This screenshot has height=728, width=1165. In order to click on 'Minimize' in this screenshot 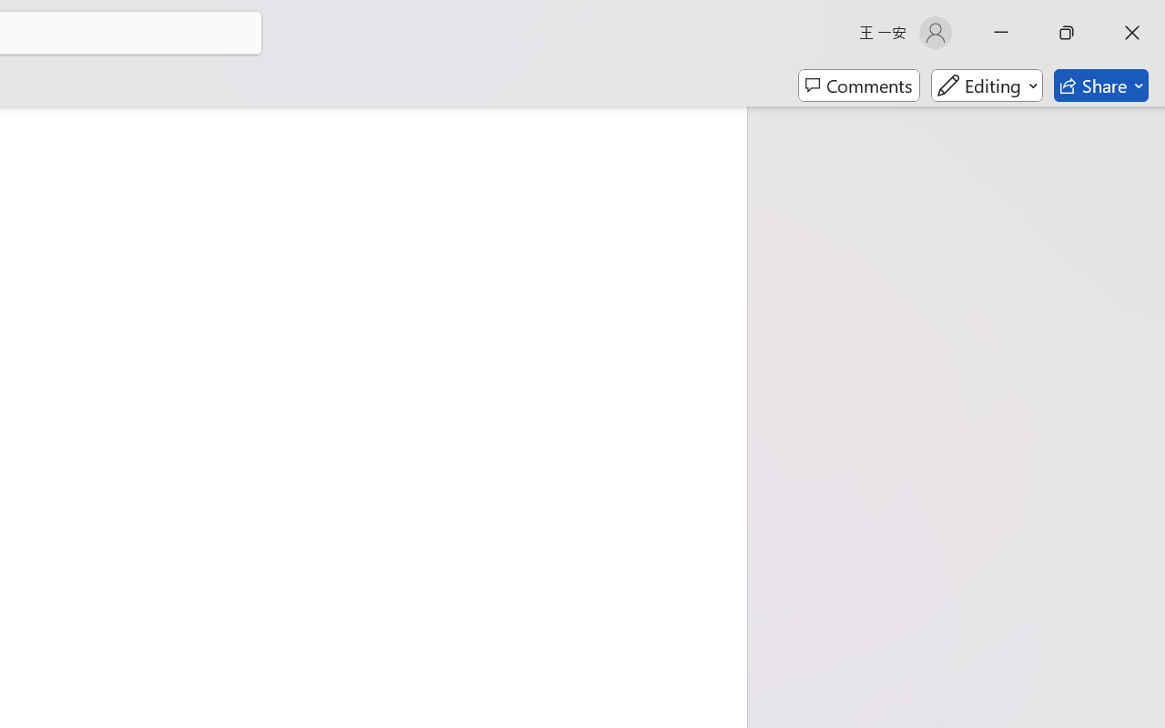, I will do `click(1000, 32)`.